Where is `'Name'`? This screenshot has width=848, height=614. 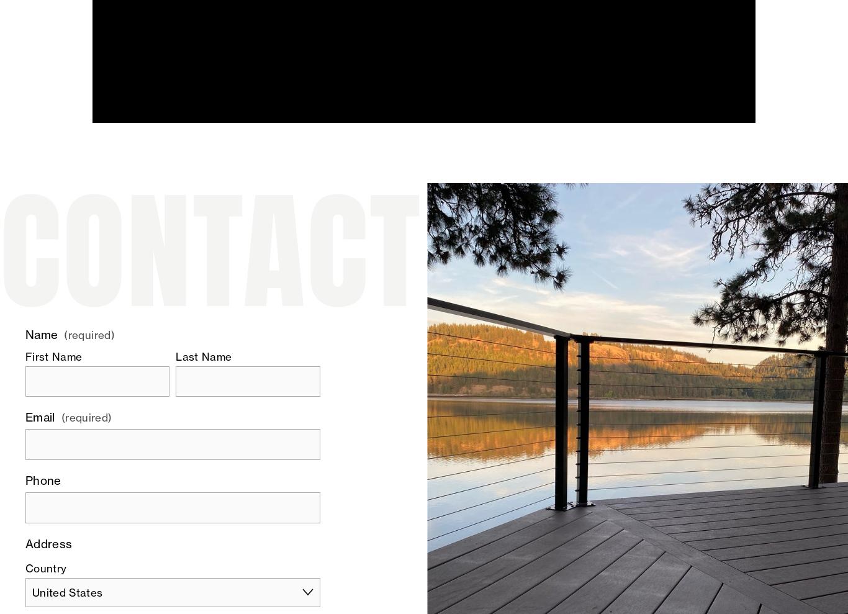
'Name' is located at coordinates (41, 335).